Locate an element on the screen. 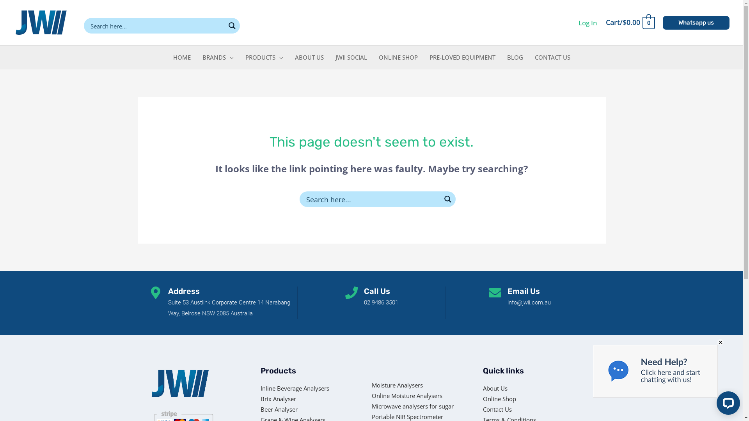 The width and height of the screenshot is (749, 421). 'Email Us' is located at coordinates (507, 291).